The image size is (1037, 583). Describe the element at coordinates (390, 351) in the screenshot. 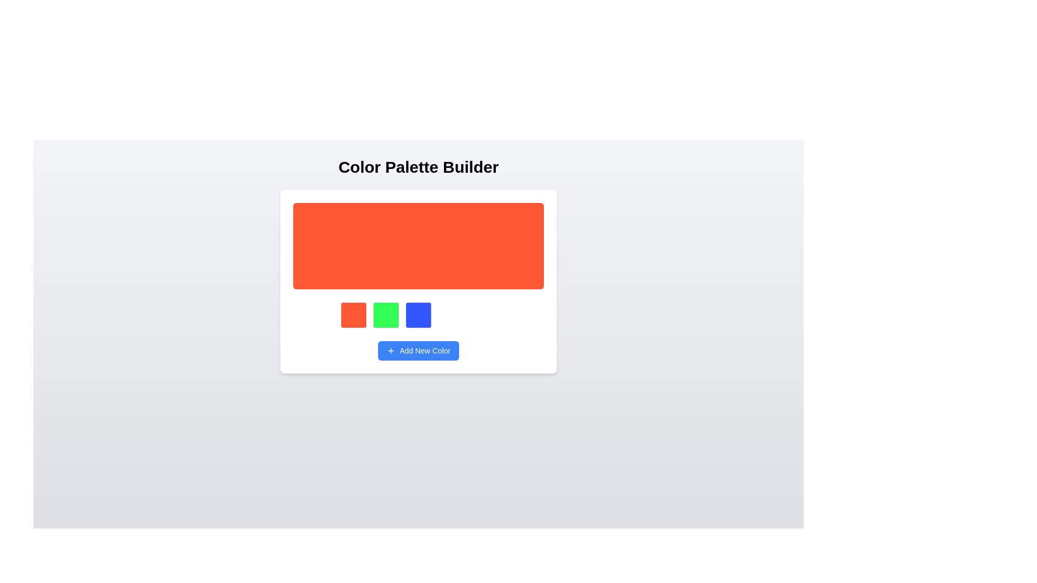

I see `the plus sign icon within the 'Add New Color' button` at that location.